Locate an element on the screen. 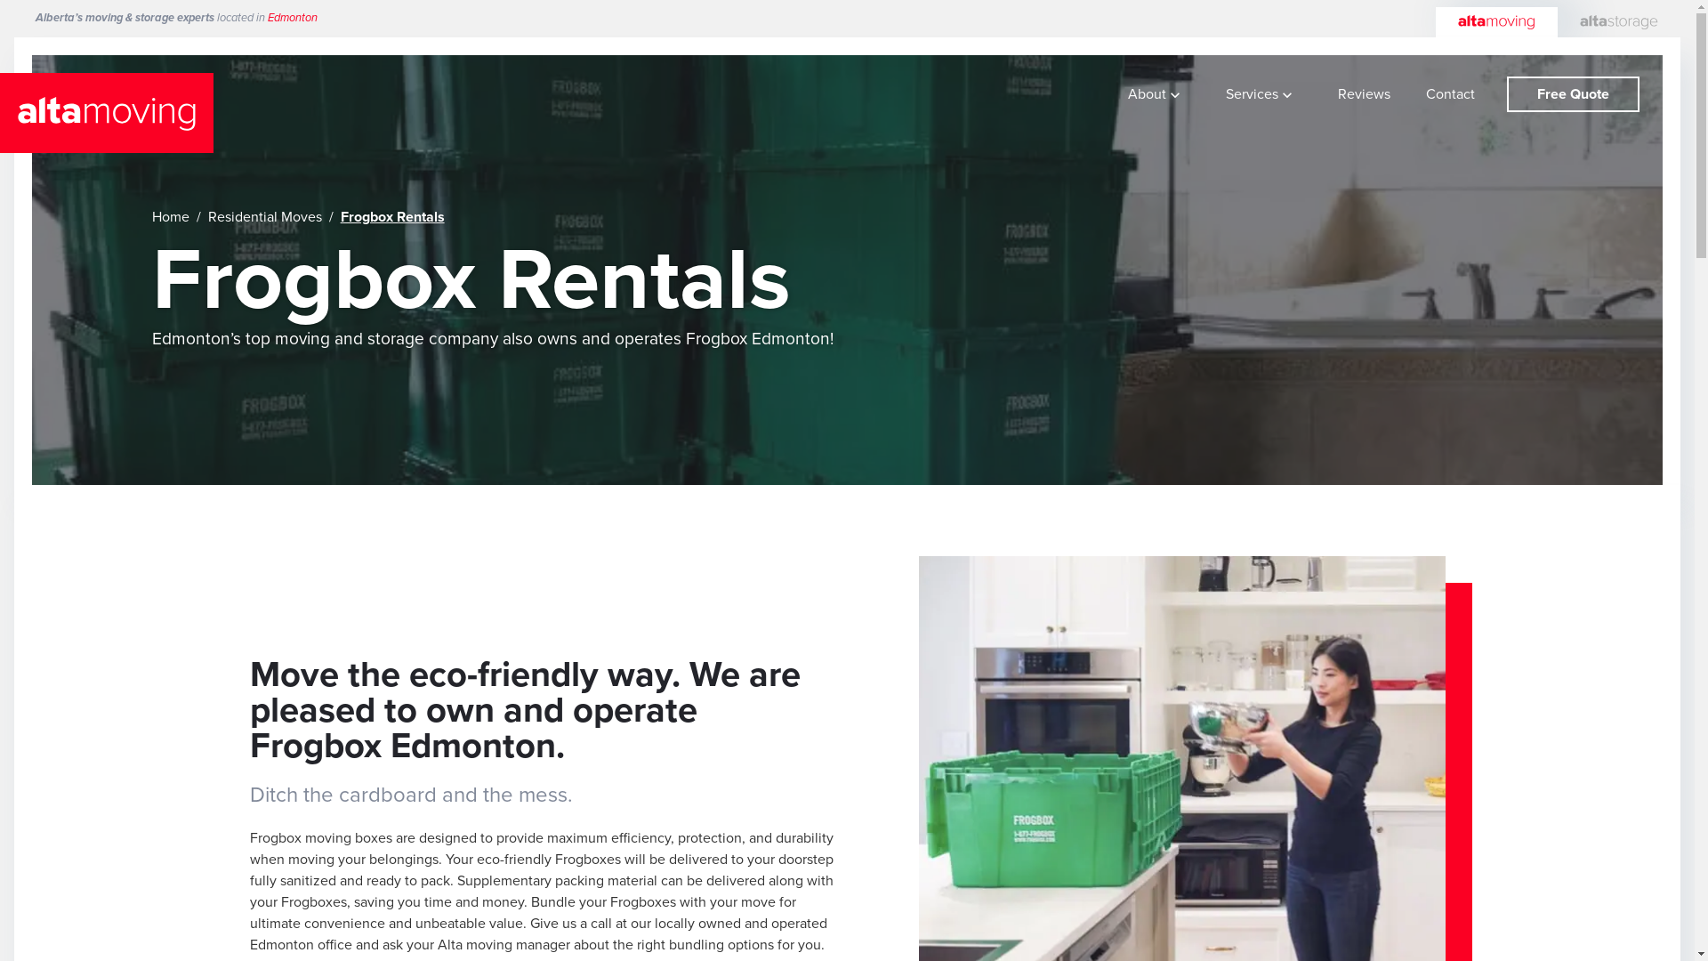  'Edmonton' is located at coordinates (293, 17).